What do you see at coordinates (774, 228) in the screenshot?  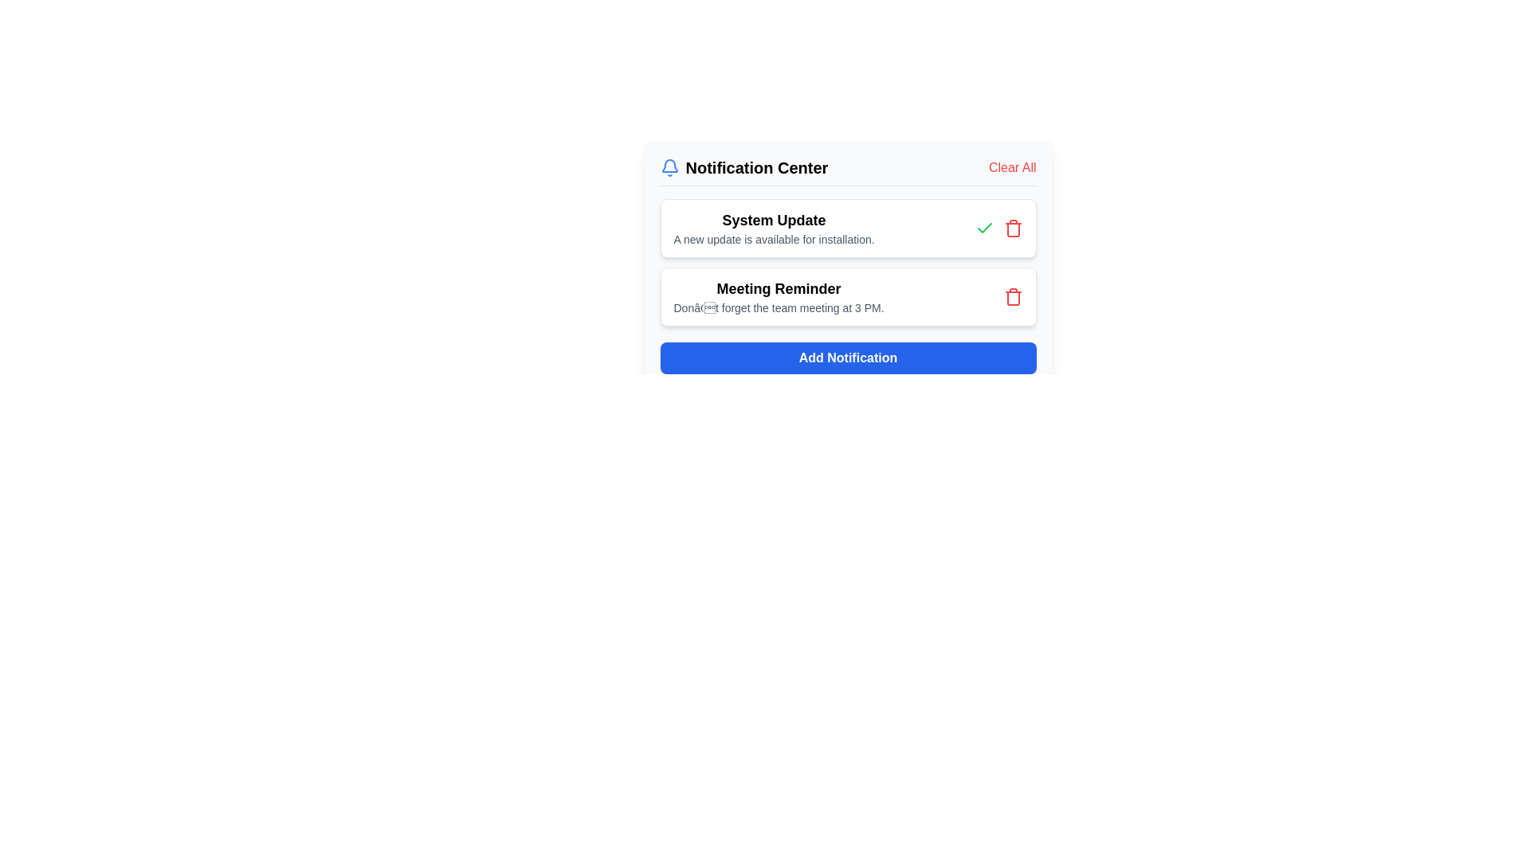 I see `text content of the top notification item in the notification list, which displays a system update notification title and description` at bounding box center [774, 228].